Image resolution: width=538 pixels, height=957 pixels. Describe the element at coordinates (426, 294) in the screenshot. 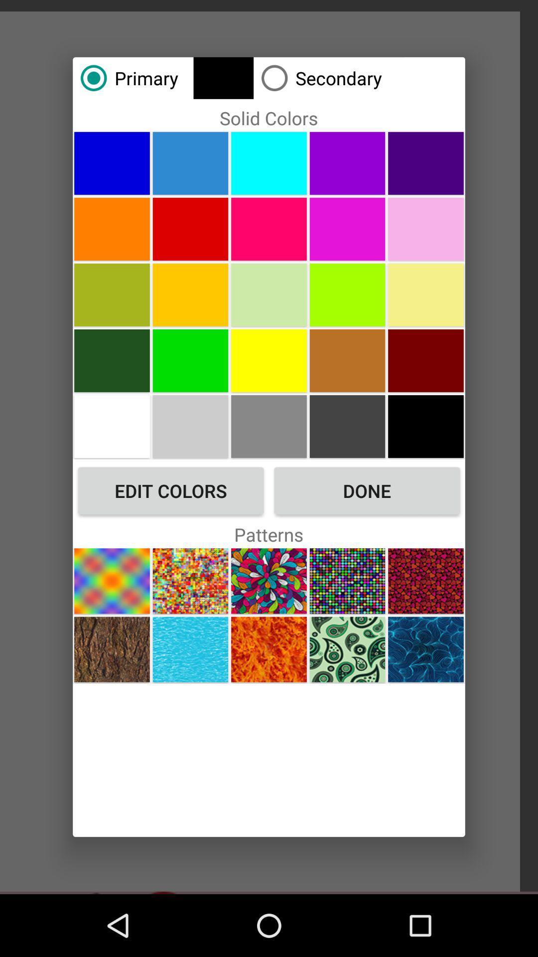

I see `color light yellow` at that location.